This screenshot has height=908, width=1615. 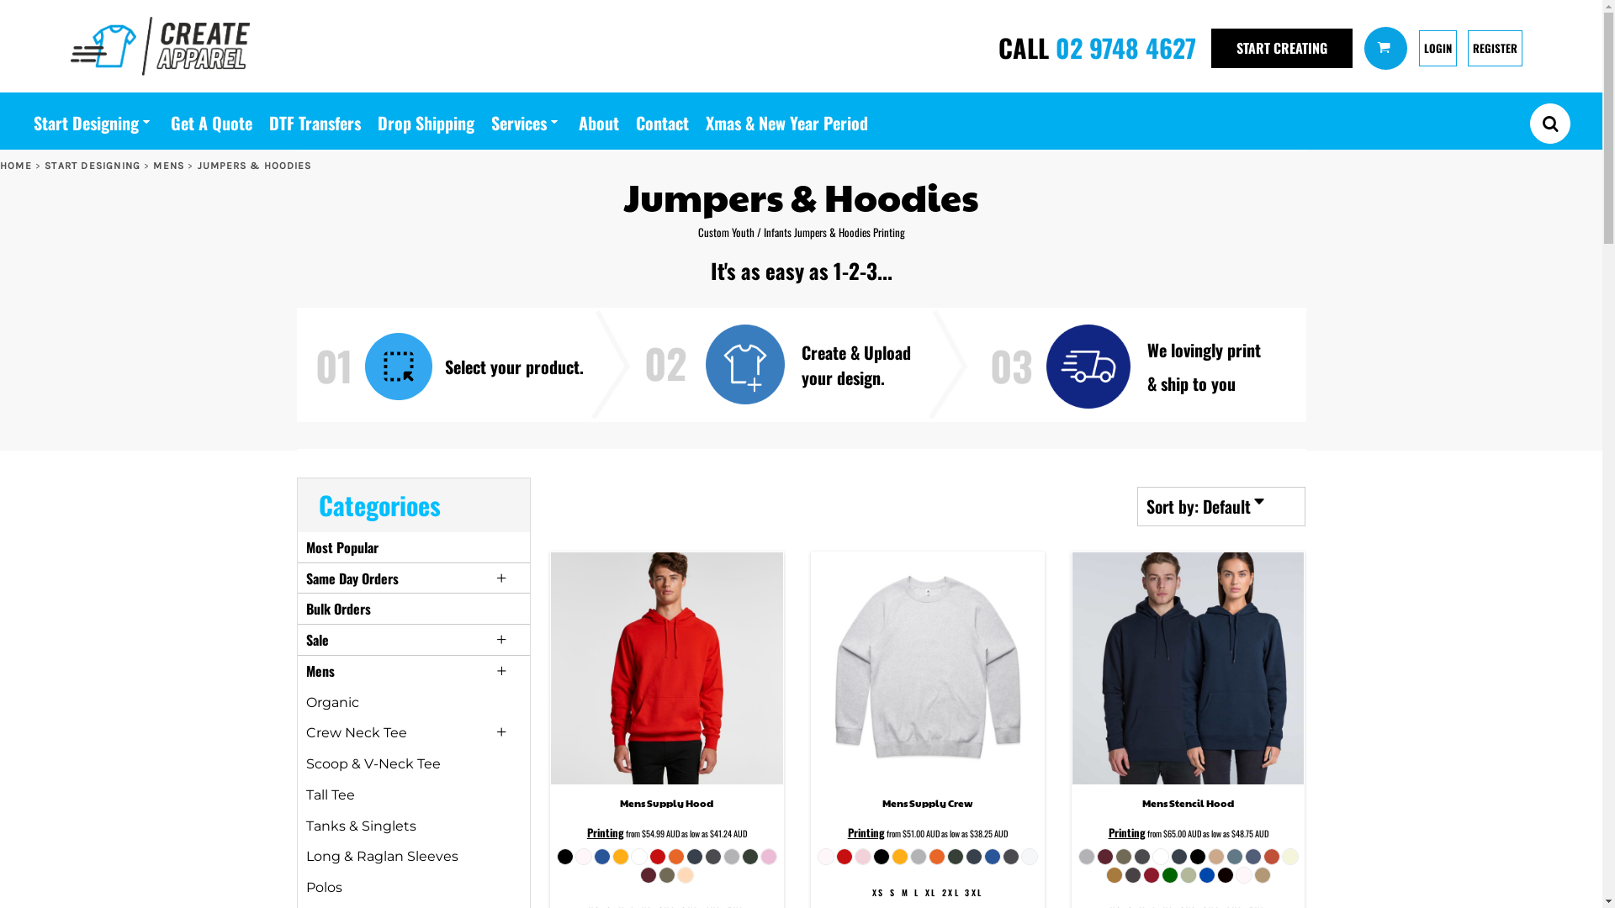 I want to click on 'Polos', so click(x=324, y=886).